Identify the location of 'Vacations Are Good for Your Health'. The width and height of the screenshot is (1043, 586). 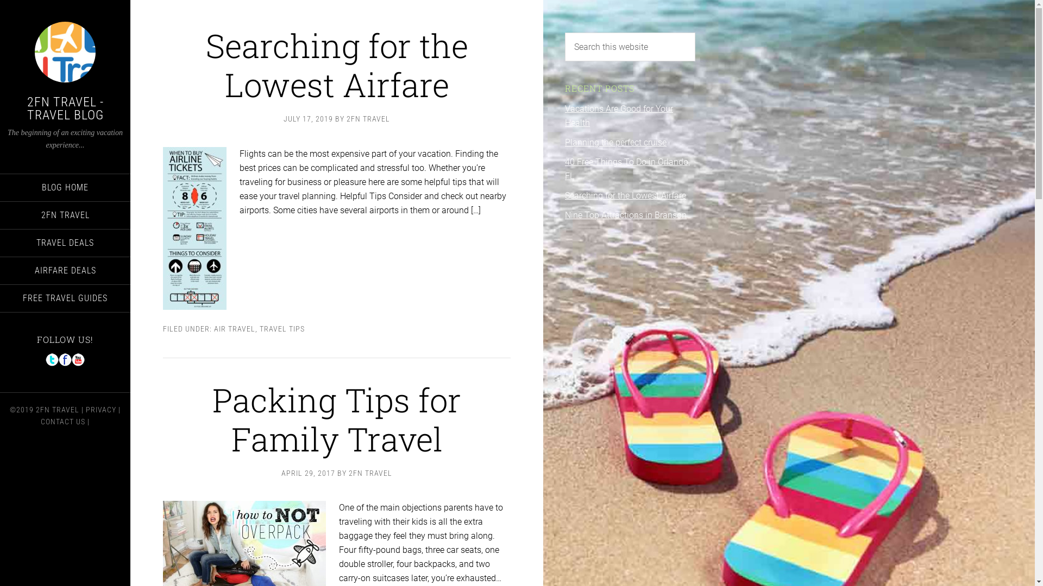
(619, 116).